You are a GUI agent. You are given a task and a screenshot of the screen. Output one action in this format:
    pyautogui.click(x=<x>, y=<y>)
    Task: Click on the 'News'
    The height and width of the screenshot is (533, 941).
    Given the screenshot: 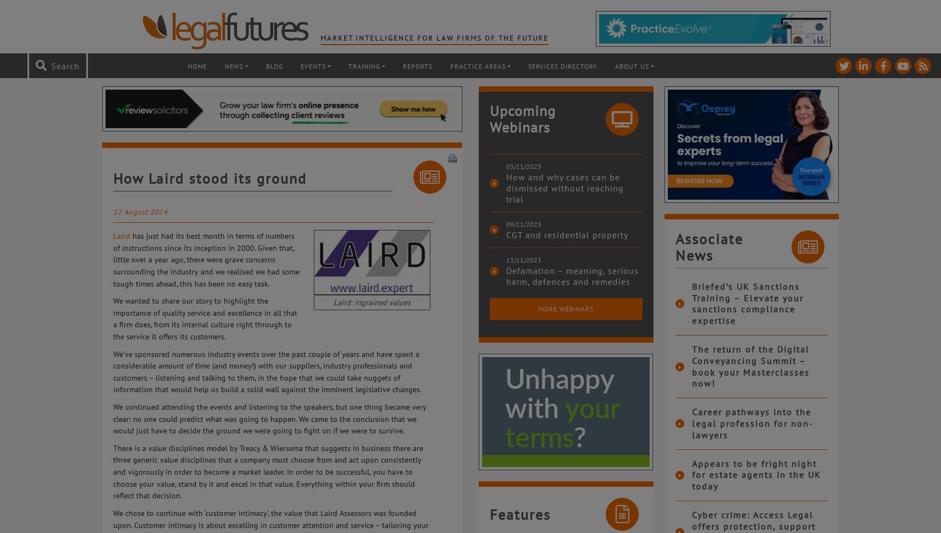 What is the action you would take?
    pyautogui.click(x=224, y=66)
    